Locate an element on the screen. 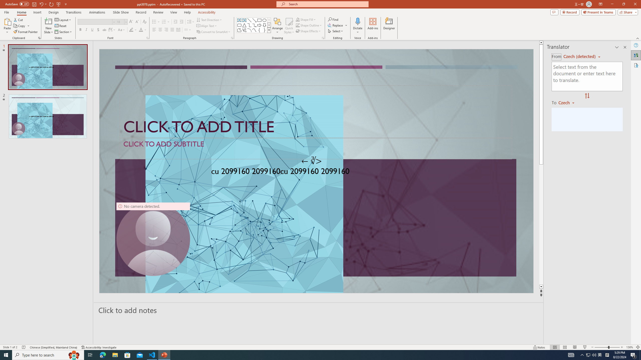 This screenshot has width=641, height=360. 'Replace...' is located at coordinates (336, 25).